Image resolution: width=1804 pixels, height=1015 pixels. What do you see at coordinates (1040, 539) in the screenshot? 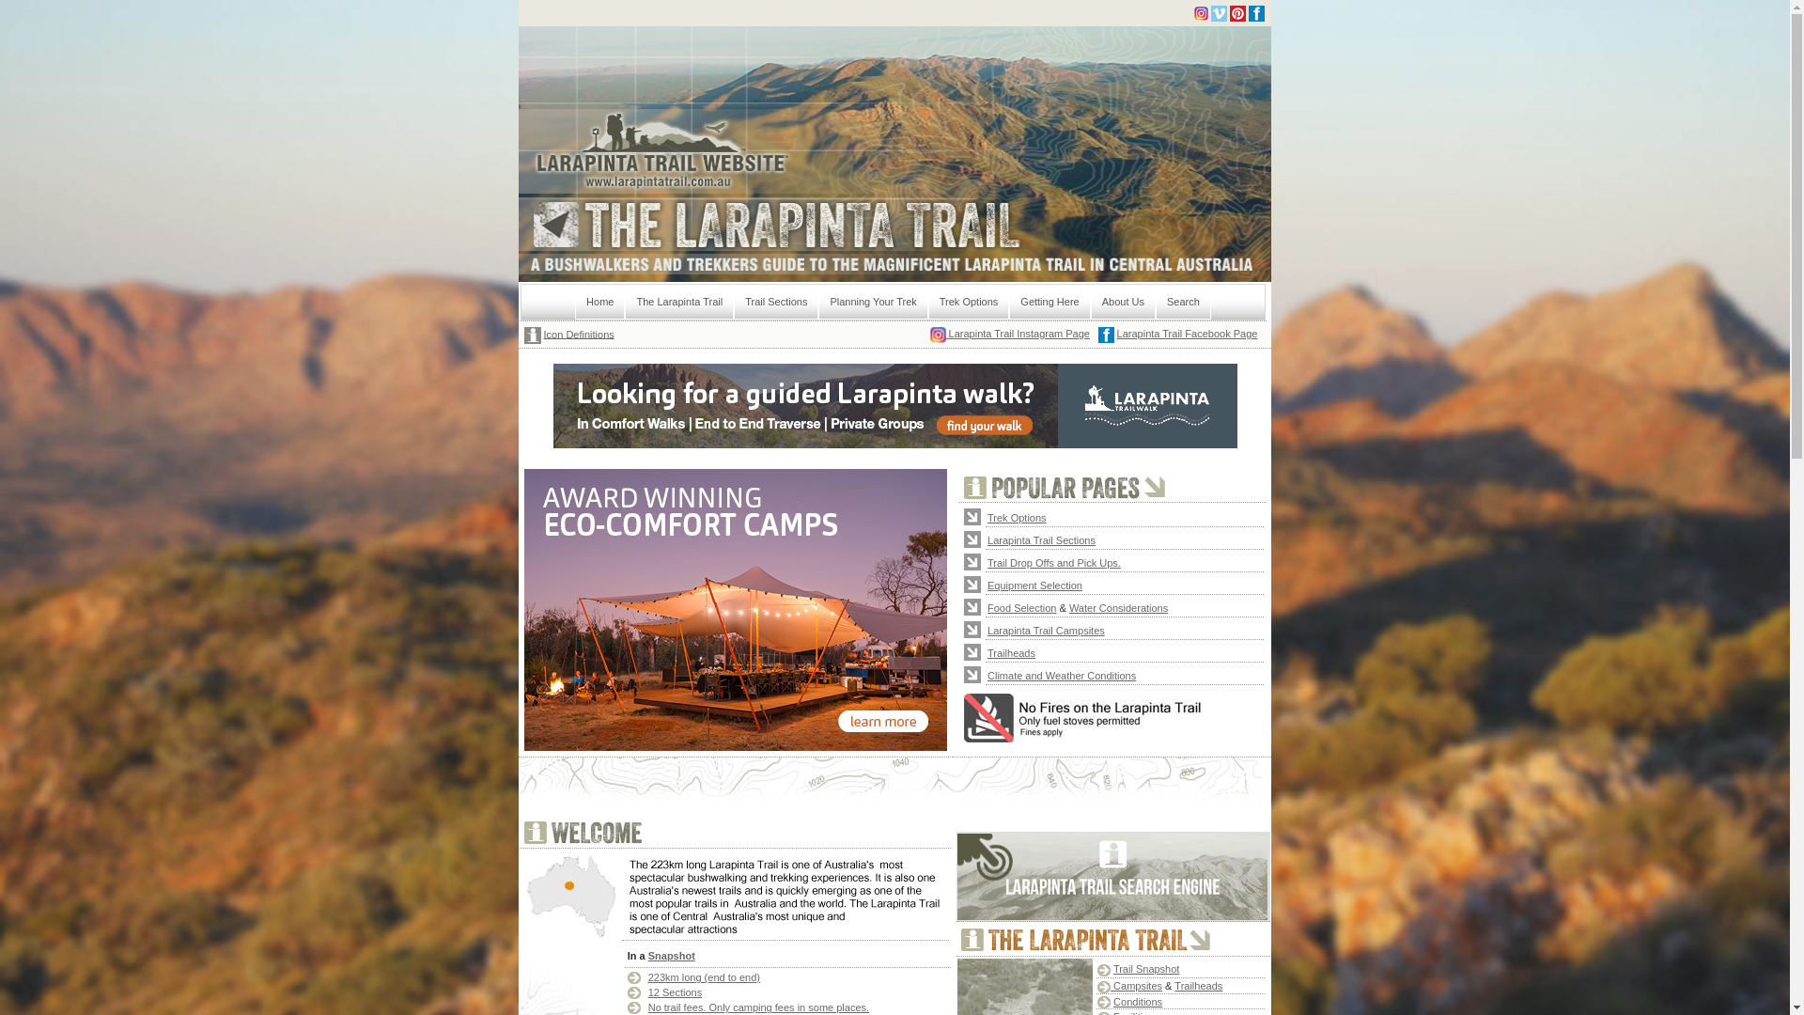
I see `'Larapinta Trail Sections'` at bounding box center [1040, 539].